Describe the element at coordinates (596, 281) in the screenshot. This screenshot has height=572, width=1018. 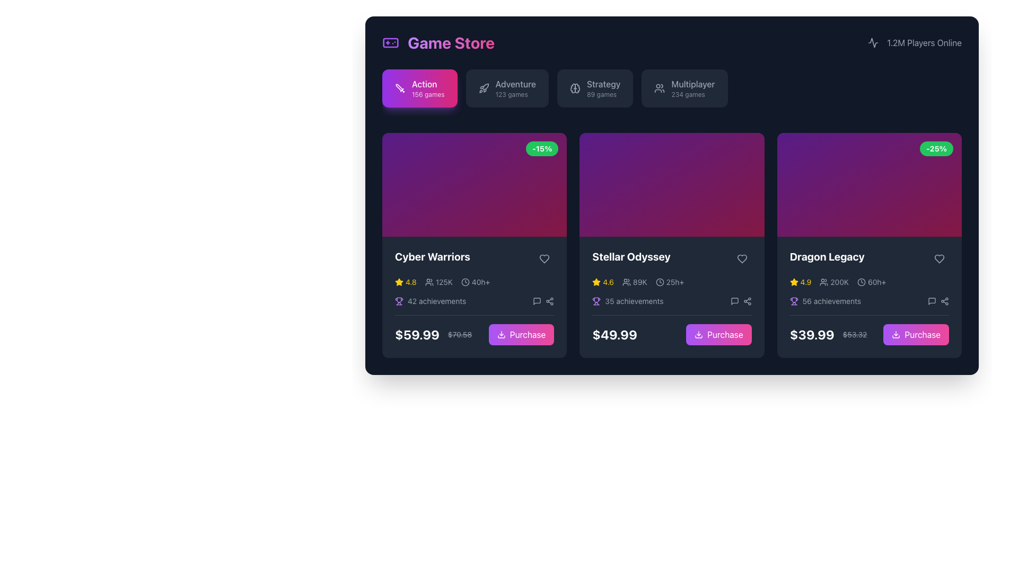
I see `the star icon indicating the rating of the game 'Stellar Odyssey' located in the second card from the left in a row of three cards` at that location.